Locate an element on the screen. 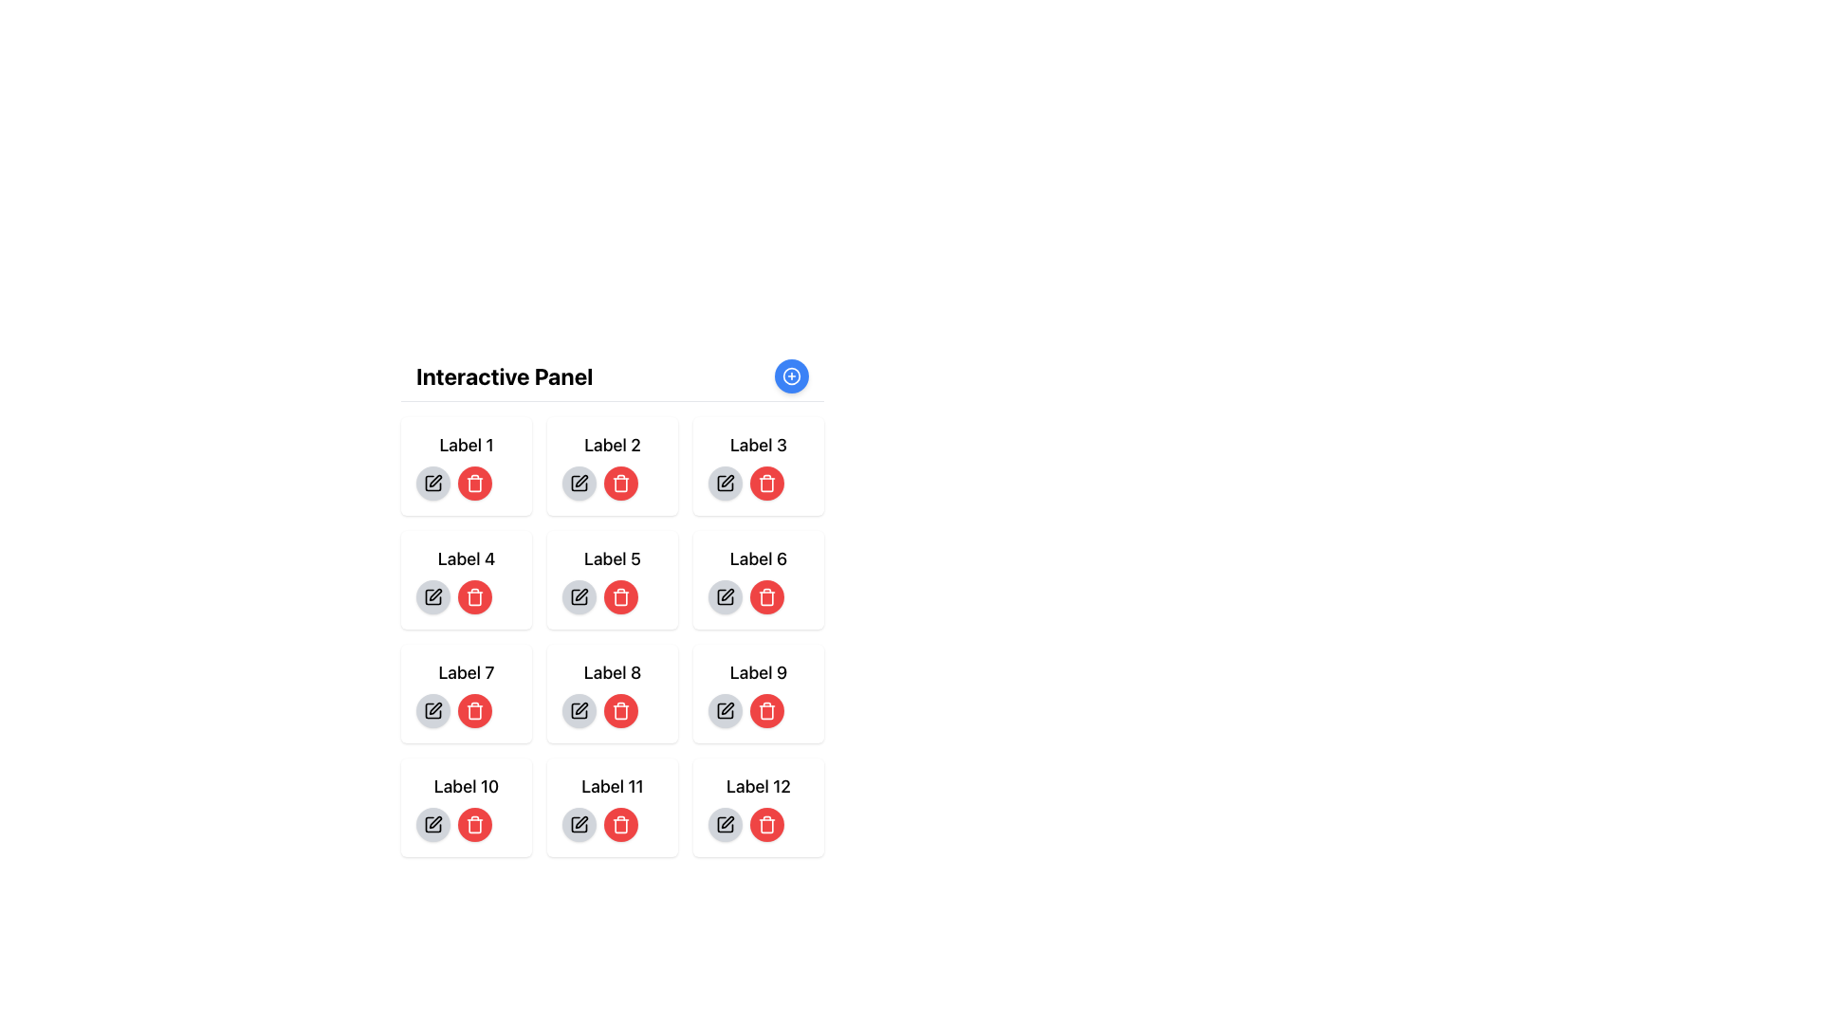 This screenshot has height=1024, width=1821. the delete button located in the first row, second column of the interactive grid panel is located at coordinates (620, 482).